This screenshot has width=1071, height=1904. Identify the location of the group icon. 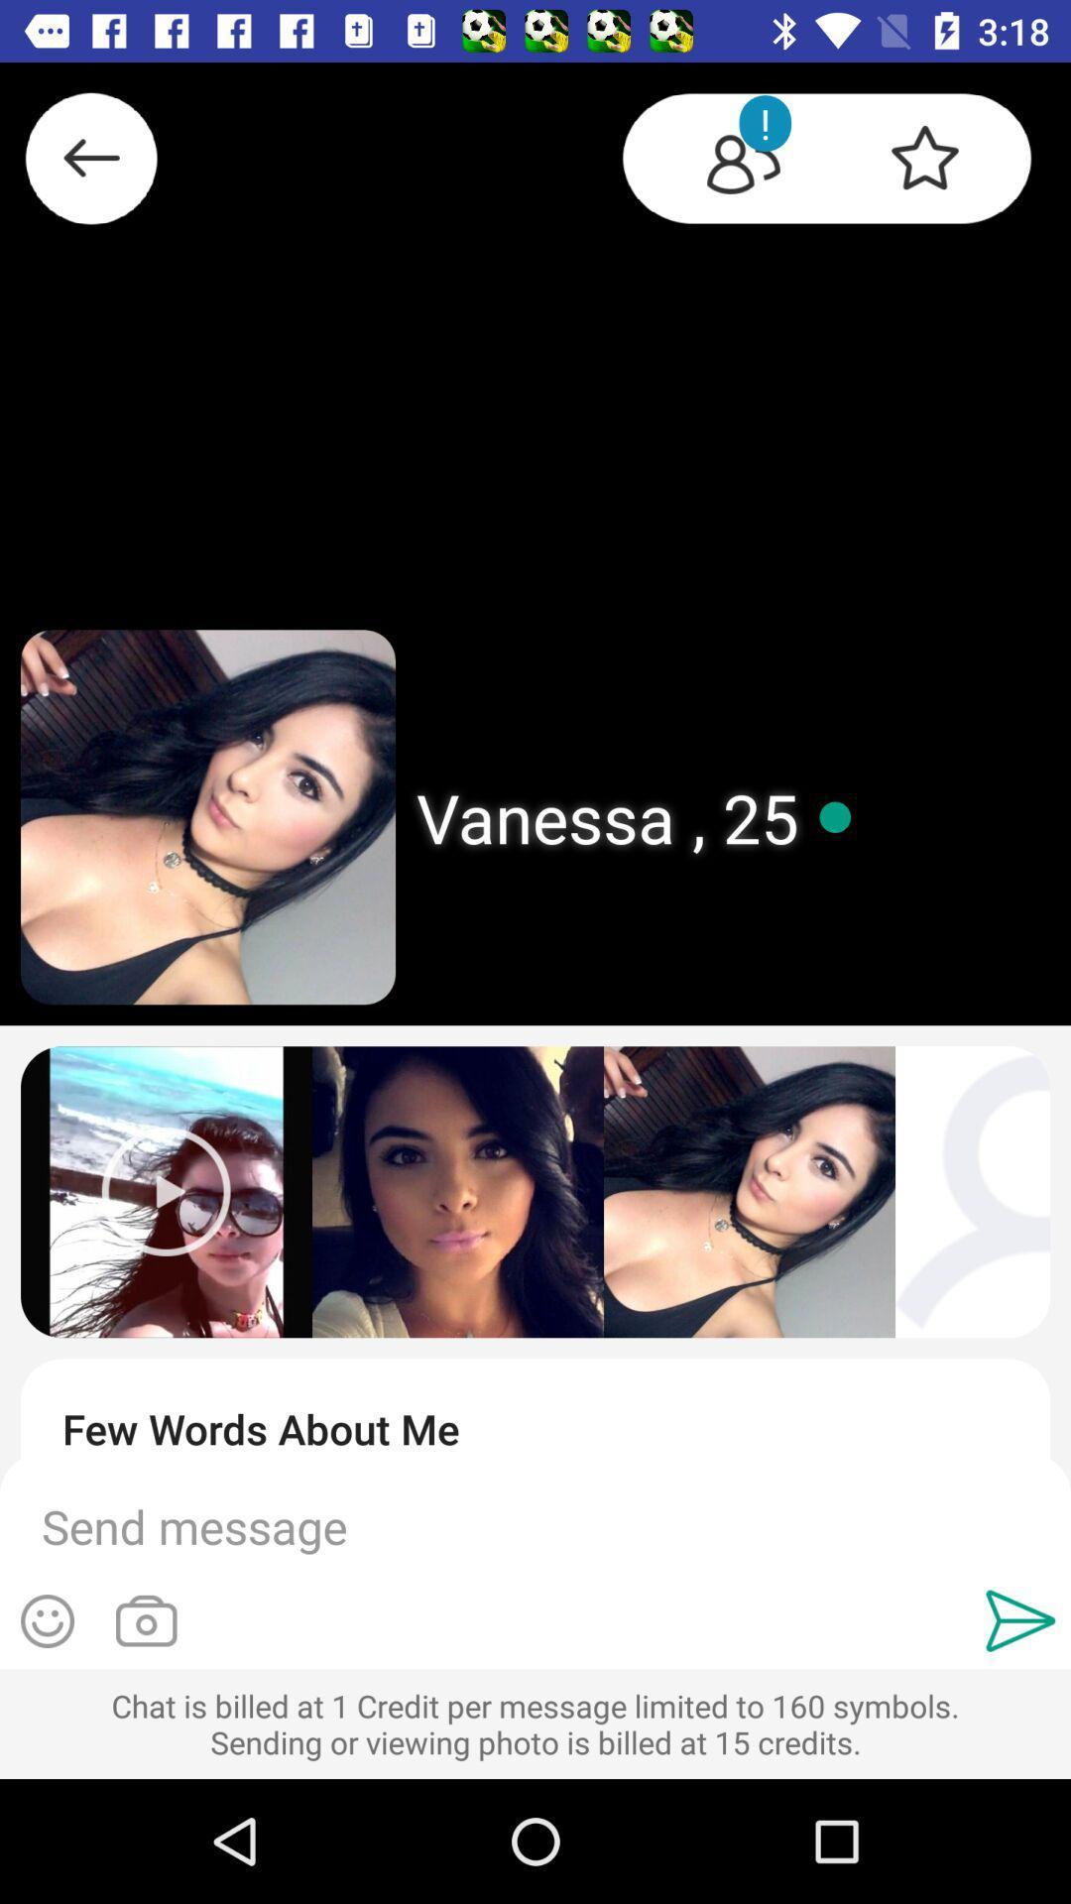
(725, 162).